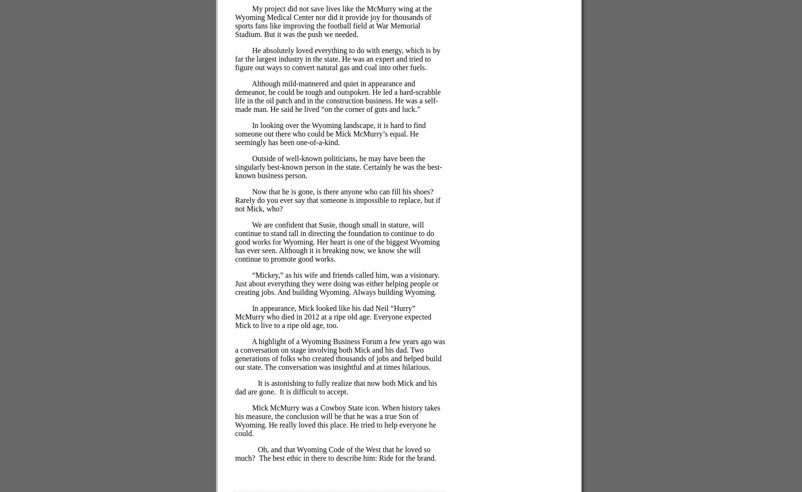 The image size is (802, 492). Describe the element at coordinates (339, 353) in the screenshot. I see `'A highlight of
a Wyoming Business Forum a few years ago was a conversation on stage involving
both Mick and his dad. Two generations of folks who created thousands of jobs
and helped build our state. The conversation was insightful and at times
hilarious.'` at that location.